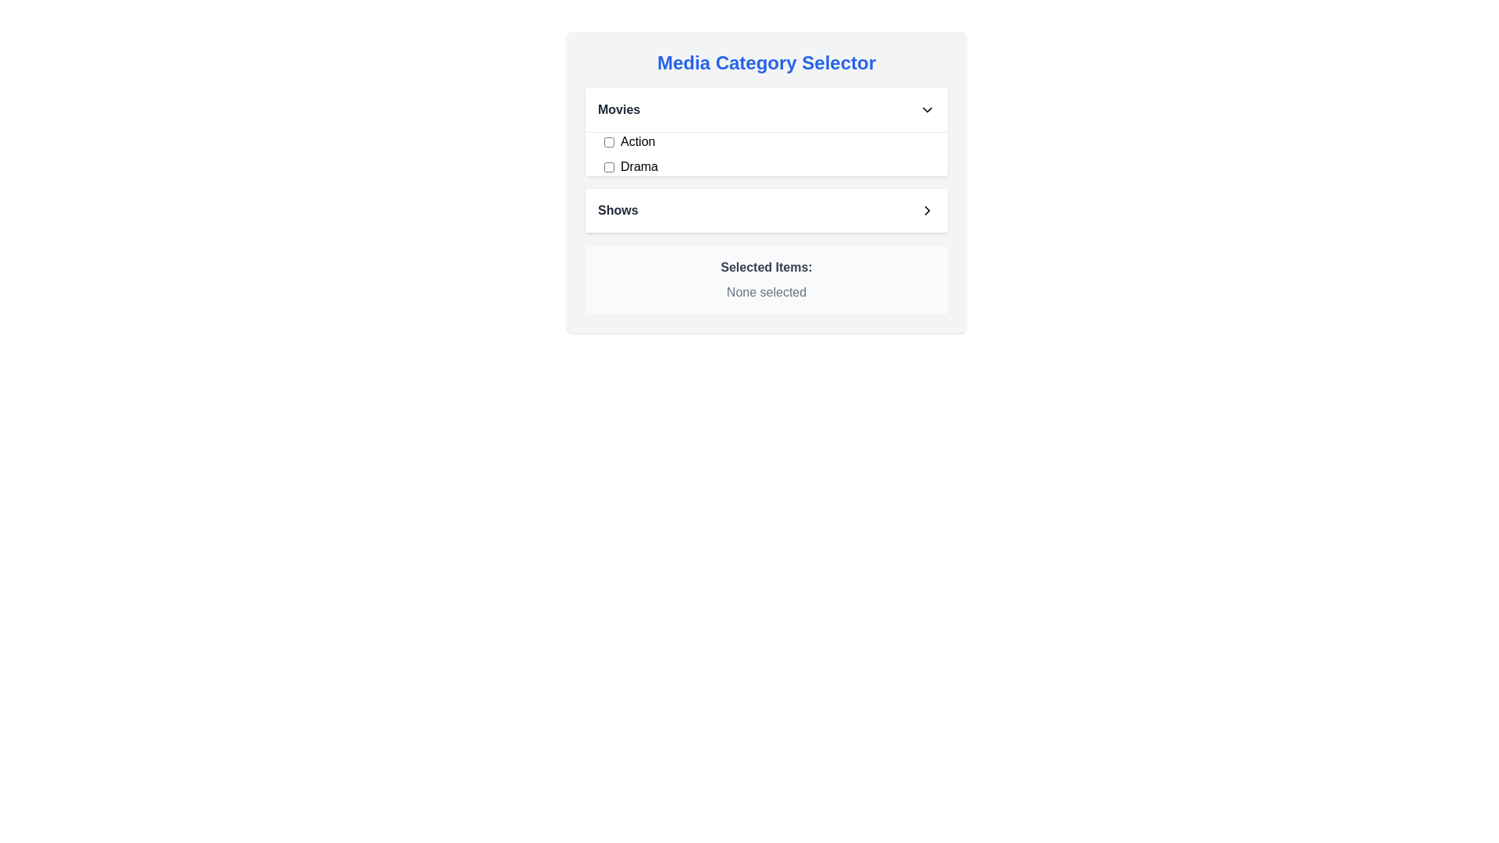 Image resolution: width=1499 pixels, height=843 pixels. I want to click on the chevron-down icon indicating the dropdown for the 'Movies' section, which is positioned to the right of the 'Movies' label, so click(928, 109).